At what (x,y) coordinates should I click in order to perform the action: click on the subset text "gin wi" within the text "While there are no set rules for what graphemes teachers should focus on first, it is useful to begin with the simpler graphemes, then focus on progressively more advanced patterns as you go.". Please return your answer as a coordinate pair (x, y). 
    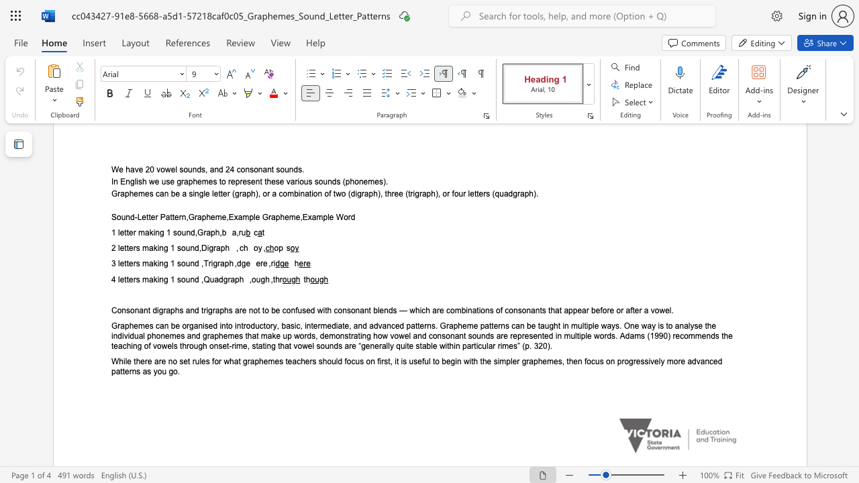
    Looking at the image, I should click on (450, 361).